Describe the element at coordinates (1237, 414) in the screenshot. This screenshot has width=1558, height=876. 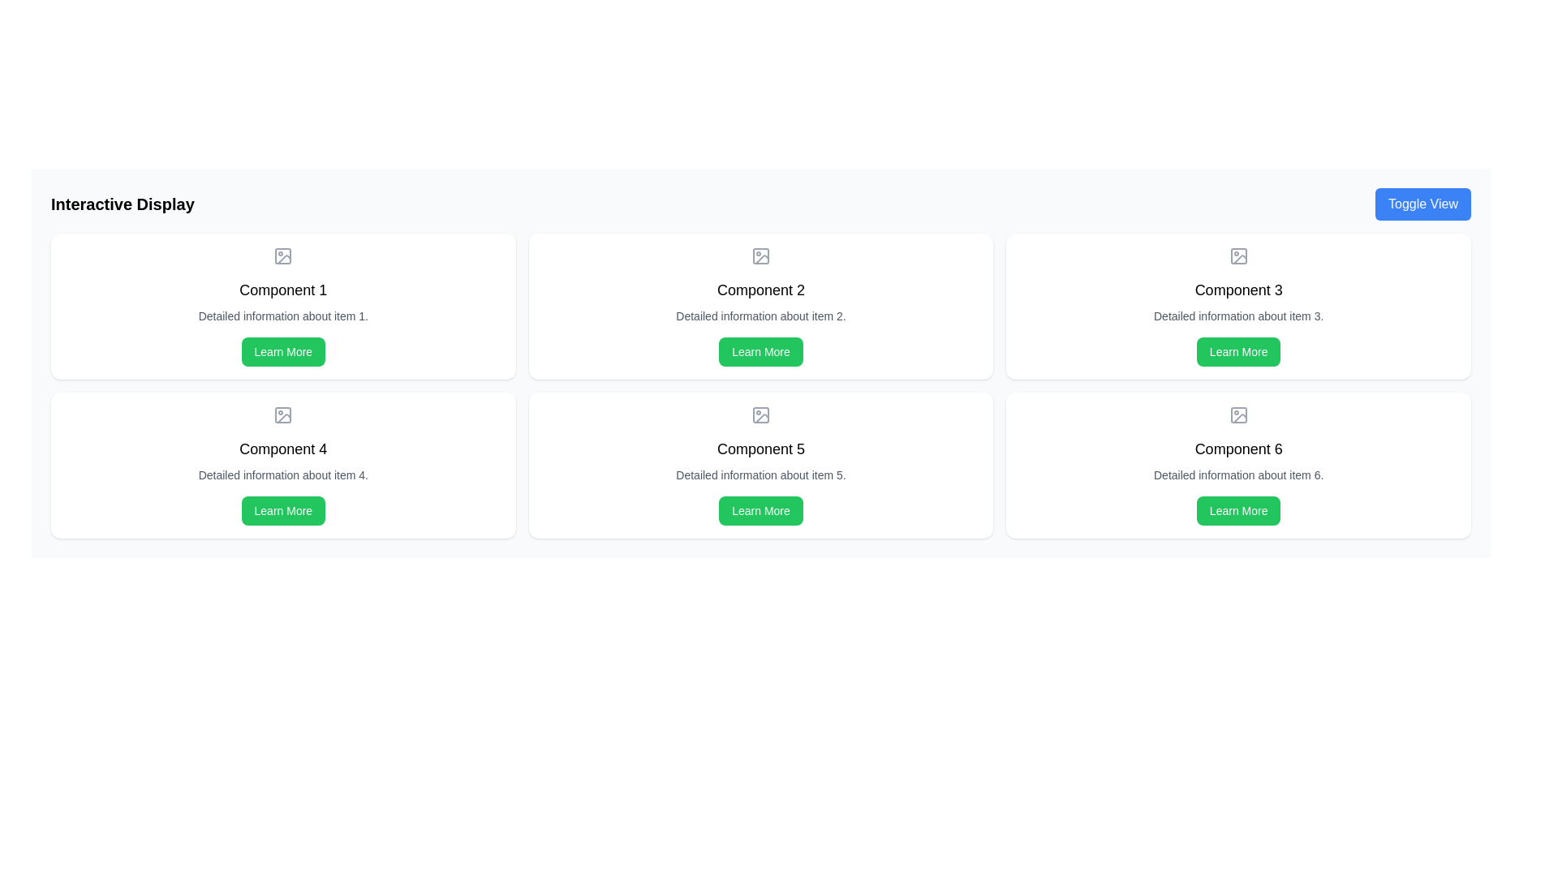
I see `the light gray rounded rectangle decorative visual element located at the center of the image placeholder icon in the 'Component 6' card` at that location.